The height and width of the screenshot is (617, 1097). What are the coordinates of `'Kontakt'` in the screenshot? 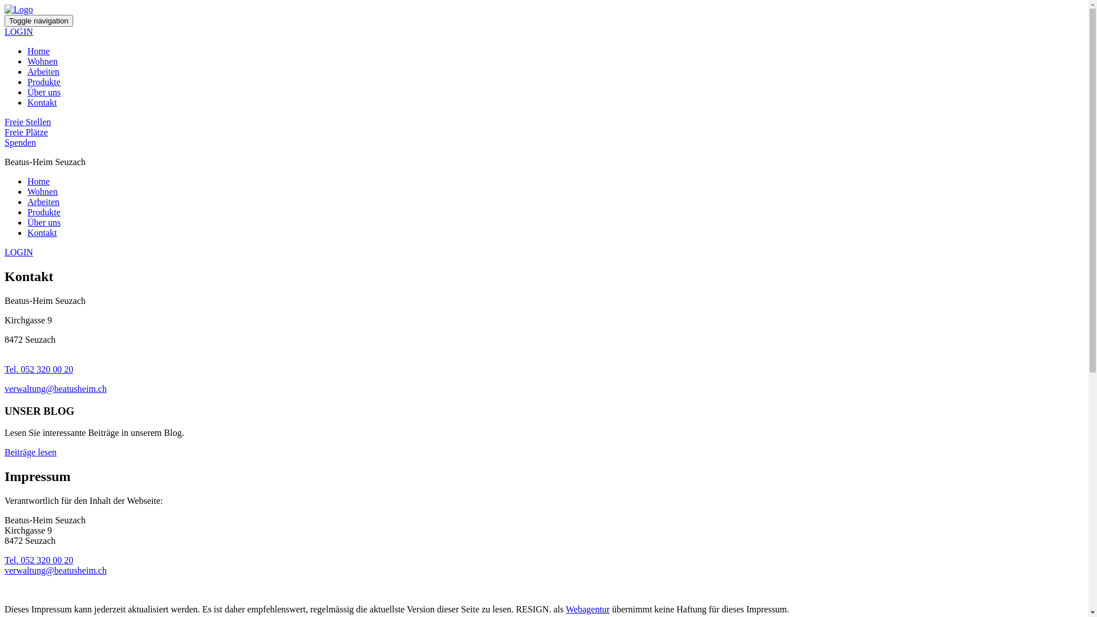 It's located at (27, 102).